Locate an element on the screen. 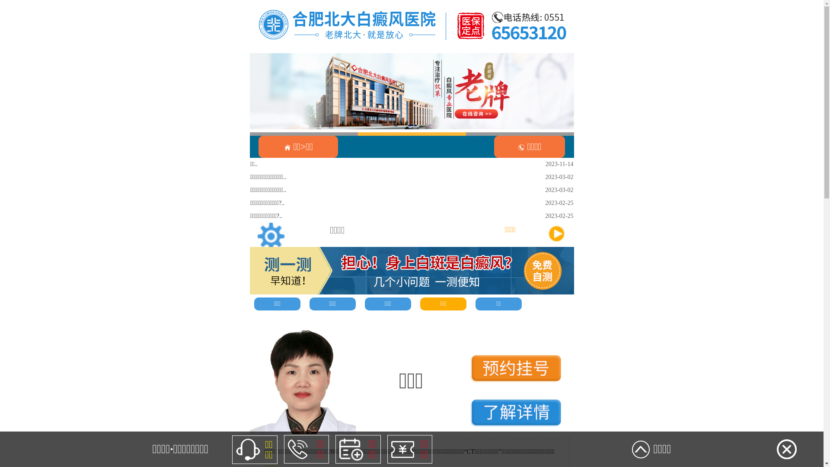  'logo' is located at coordinates (412, 26).